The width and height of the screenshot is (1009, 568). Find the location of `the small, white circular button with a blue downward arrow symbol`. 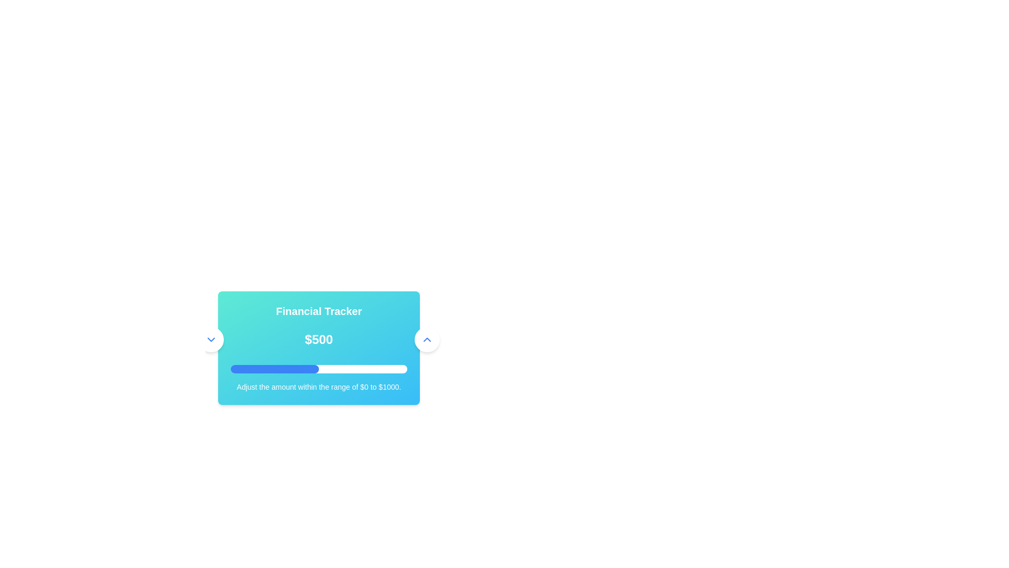

the small, white circular button with a blue downward arrow symbol is located at coordinates (210, 339).